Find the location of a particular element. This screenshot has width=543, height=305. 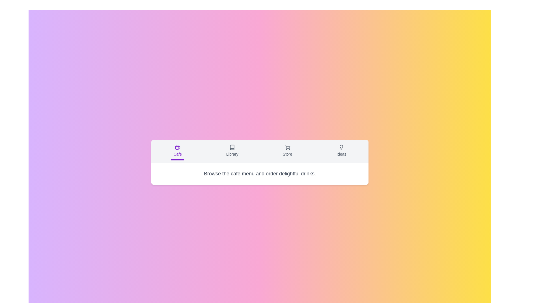

the 'Ideas' icon located at the far right of the navigation bar is located at coordinates (341, 147).